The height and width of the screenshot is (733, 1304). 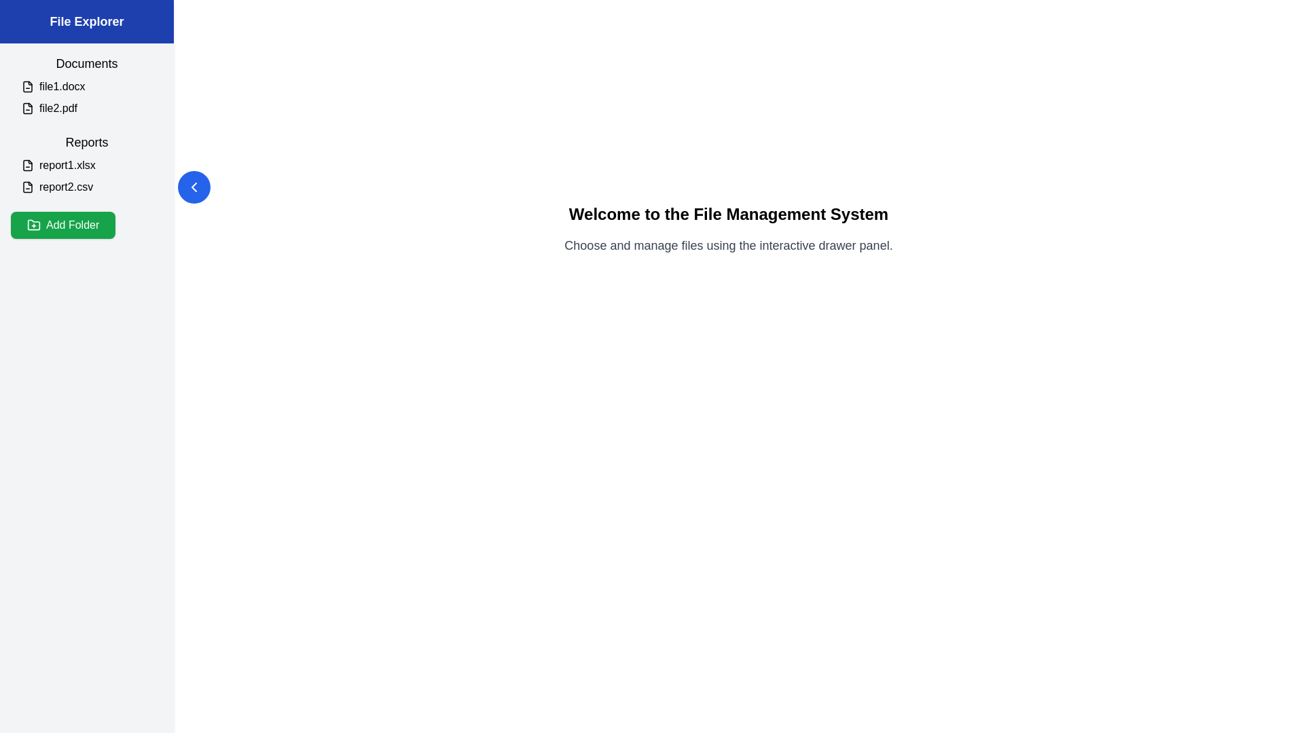 I want to click on the left-facing chevron arrow SVG icon within the blue circular button located at the top-left area of the interface, so click(x=194, y=187).